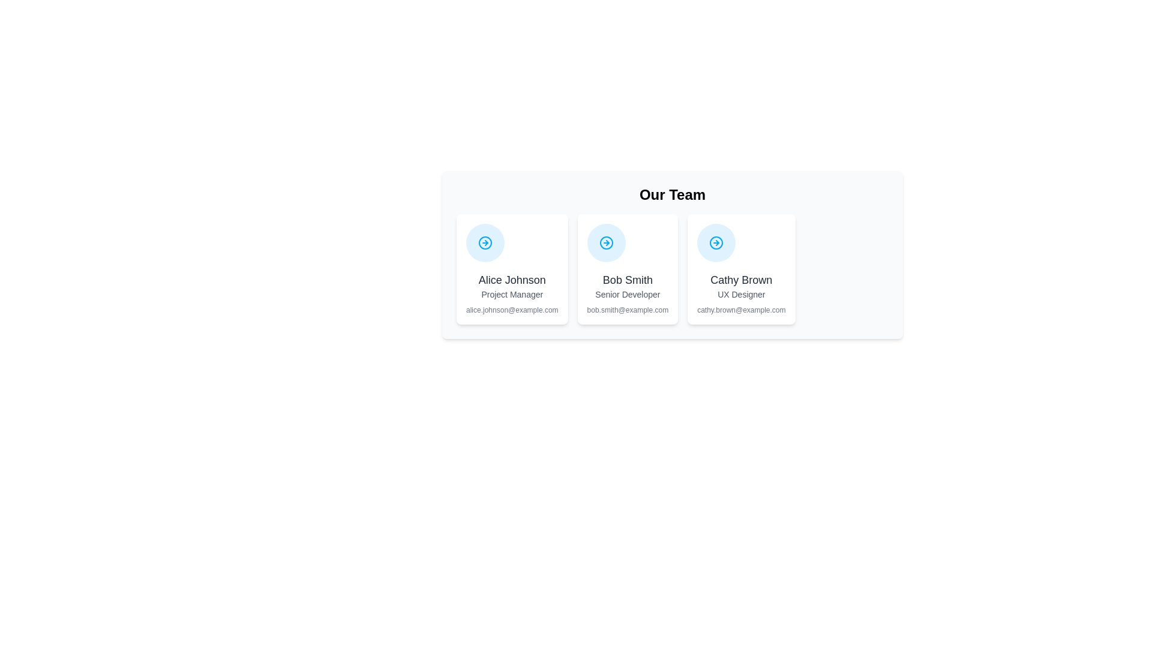  Describe the element at coordinates (485, 243) in the screenshot. I see `the circular navigation icon with a pale blue background and a right-pointing arrow, located in the upper portion of the card labeled 'Alice Johnson'` at that location.